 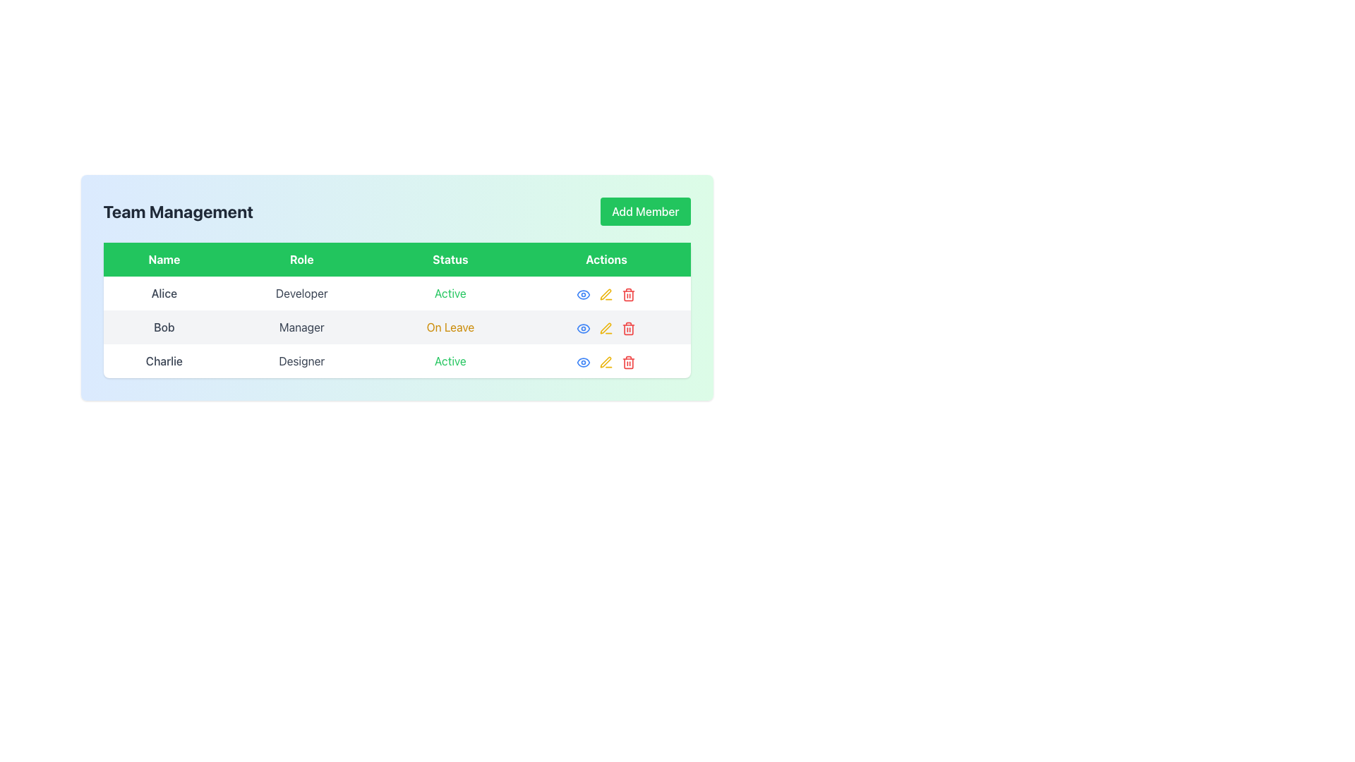 I want to click on the text label displaying 'Active' in green, which indicates status information for 'Charlie' in the 'Team Management' table, so click(x=450, y=361).